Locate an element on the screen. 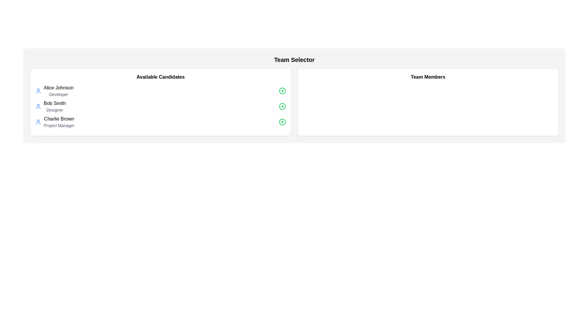  text from the Text Label displaying 'Bob Smith', positioned as the second entry in the 'Available Candidates' section is located at coordinates (55, 103).